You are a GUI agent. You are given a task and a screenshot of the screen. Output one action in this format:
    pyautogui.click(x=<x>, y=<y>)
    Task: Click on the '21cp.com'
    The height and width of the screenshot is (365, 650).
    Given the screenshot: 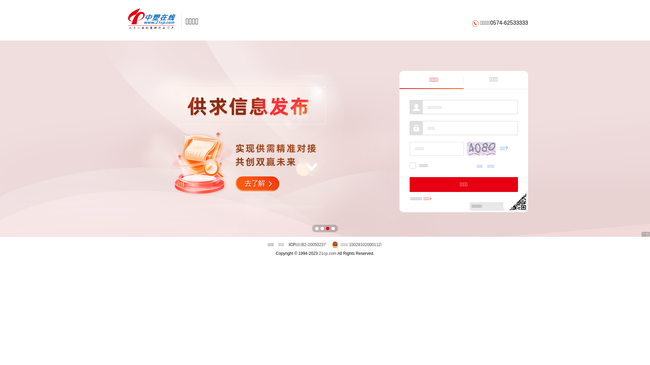 What is the action you would take?
    pyautogui.click(x=328, y=253)
    